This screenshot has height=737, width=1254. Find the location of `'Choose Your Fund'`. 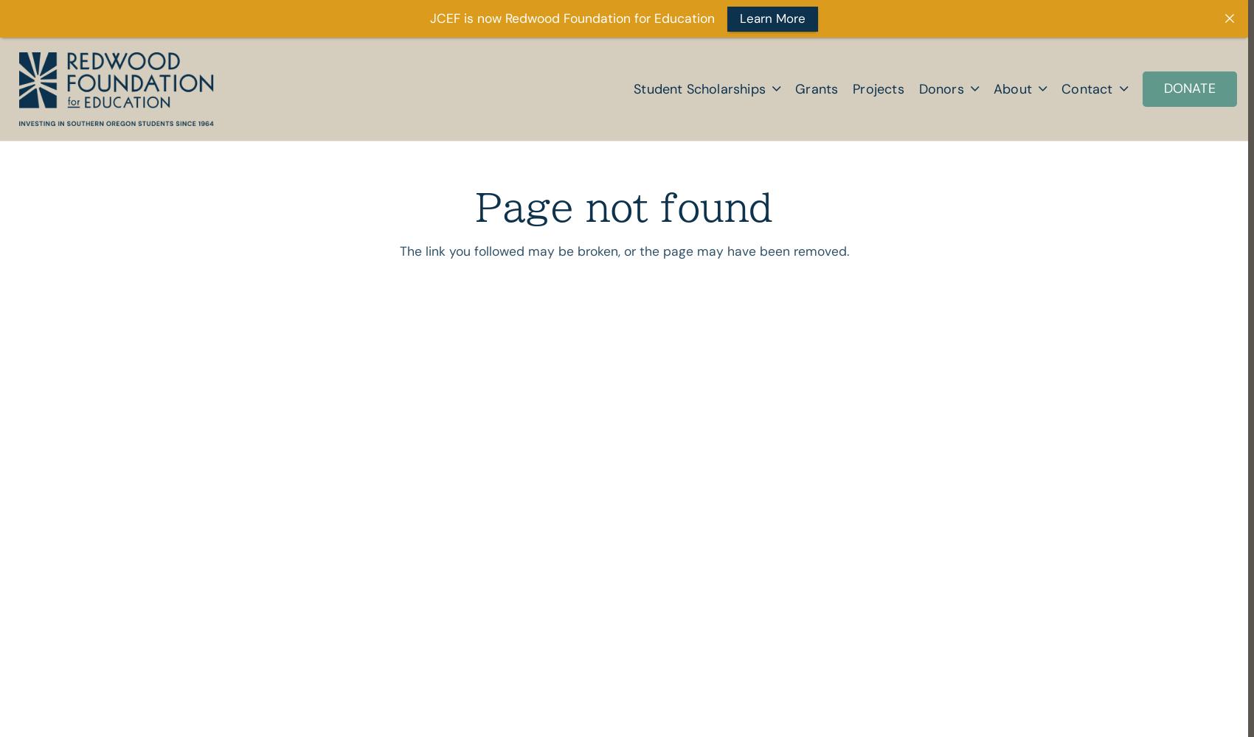

'Choose Your Fund' is located at coordinates (982, 220).